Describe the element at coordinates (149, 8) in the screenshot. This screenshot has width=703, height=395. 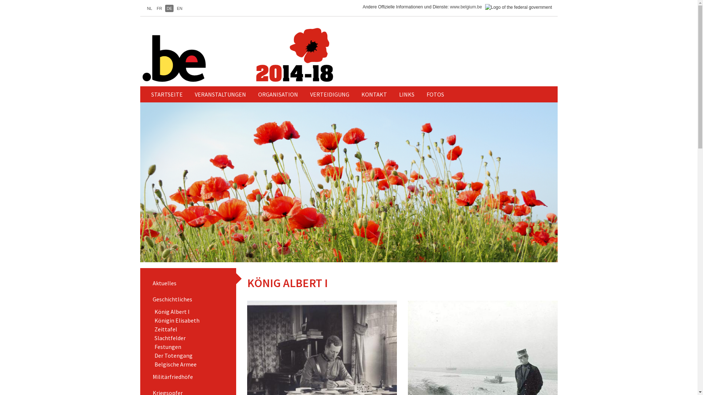
I see `'NL'` at that location.